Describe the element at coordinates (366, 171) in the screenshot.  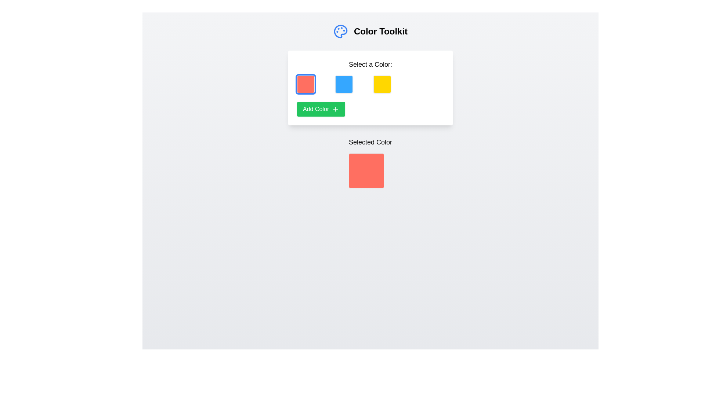
I see `the color displayed in the visual display area located centrally below the title 'Selected Color'` at that location.